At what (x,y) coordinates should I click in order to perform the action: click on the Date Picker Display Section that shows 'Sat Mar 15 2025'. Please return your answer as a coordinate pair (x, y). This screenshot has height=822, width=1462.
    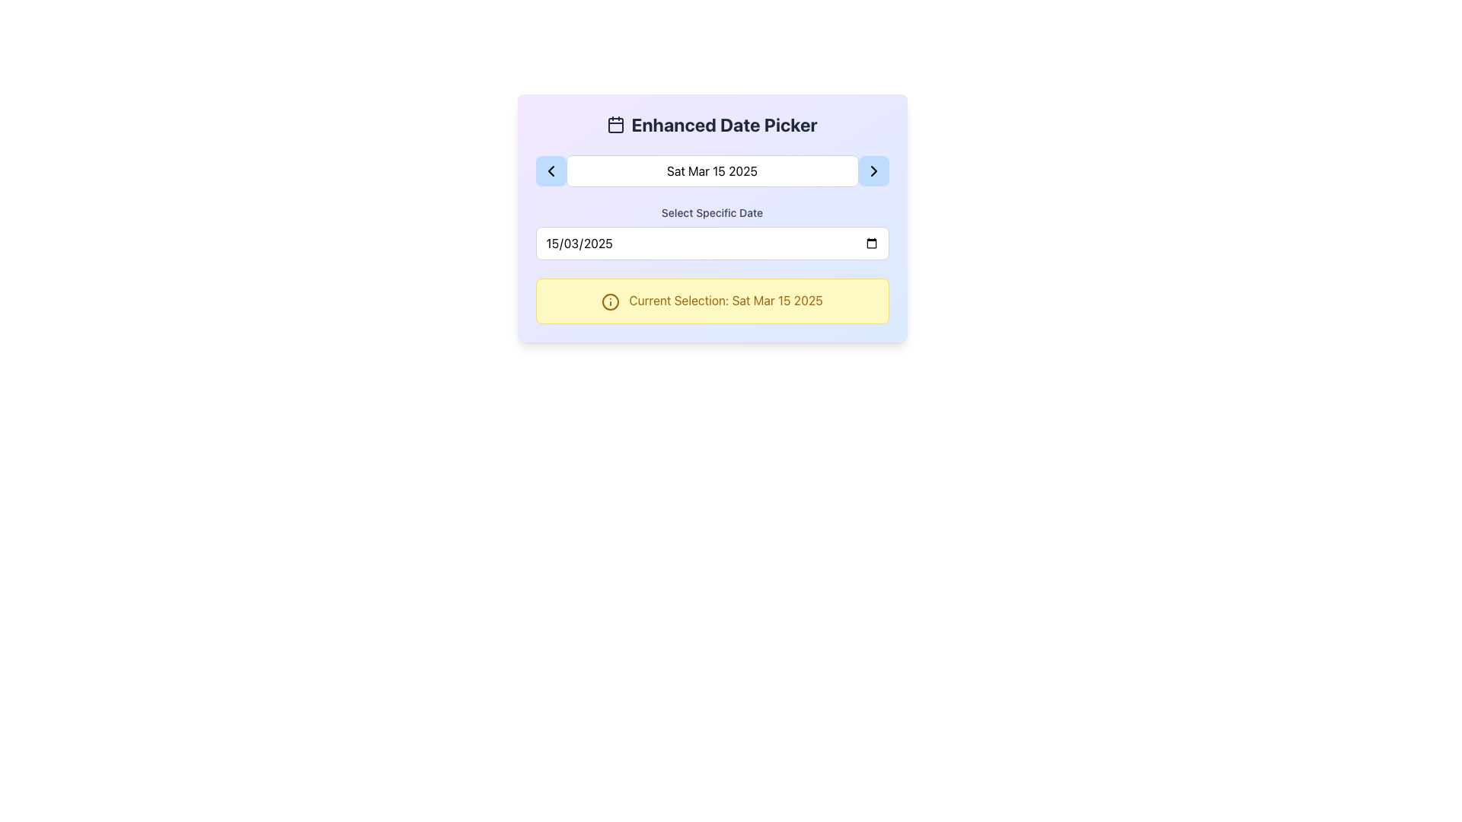
    Looking at the image, I should click on (711, 170).